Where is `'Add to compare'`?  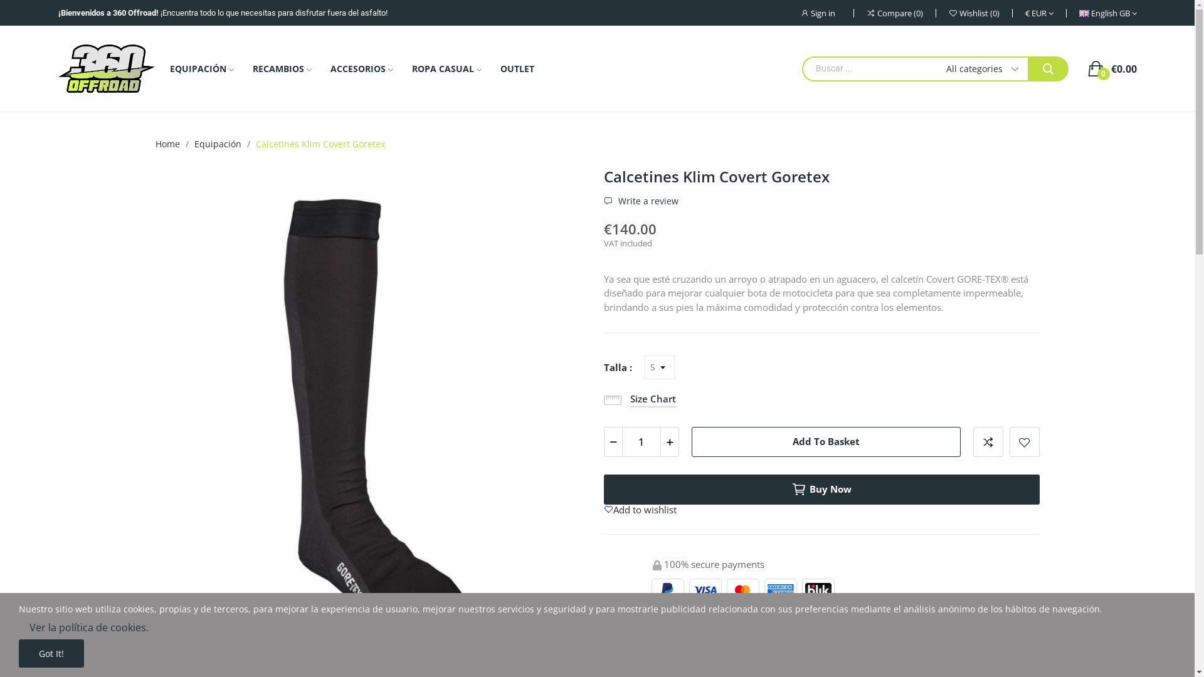
'Add to compare' is located at coordinates (987, 441).